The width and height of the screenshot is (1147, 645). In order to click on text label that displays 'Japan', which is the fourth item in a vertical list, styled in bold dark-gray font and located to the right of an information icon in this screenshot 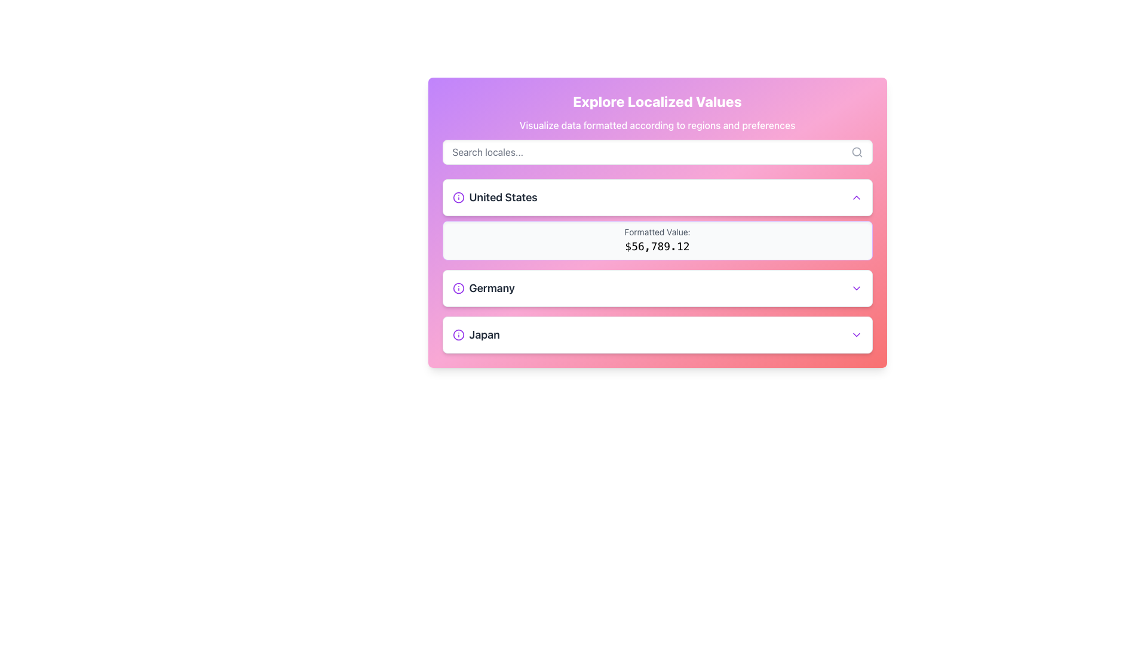, I will do `click(484, 334)`.